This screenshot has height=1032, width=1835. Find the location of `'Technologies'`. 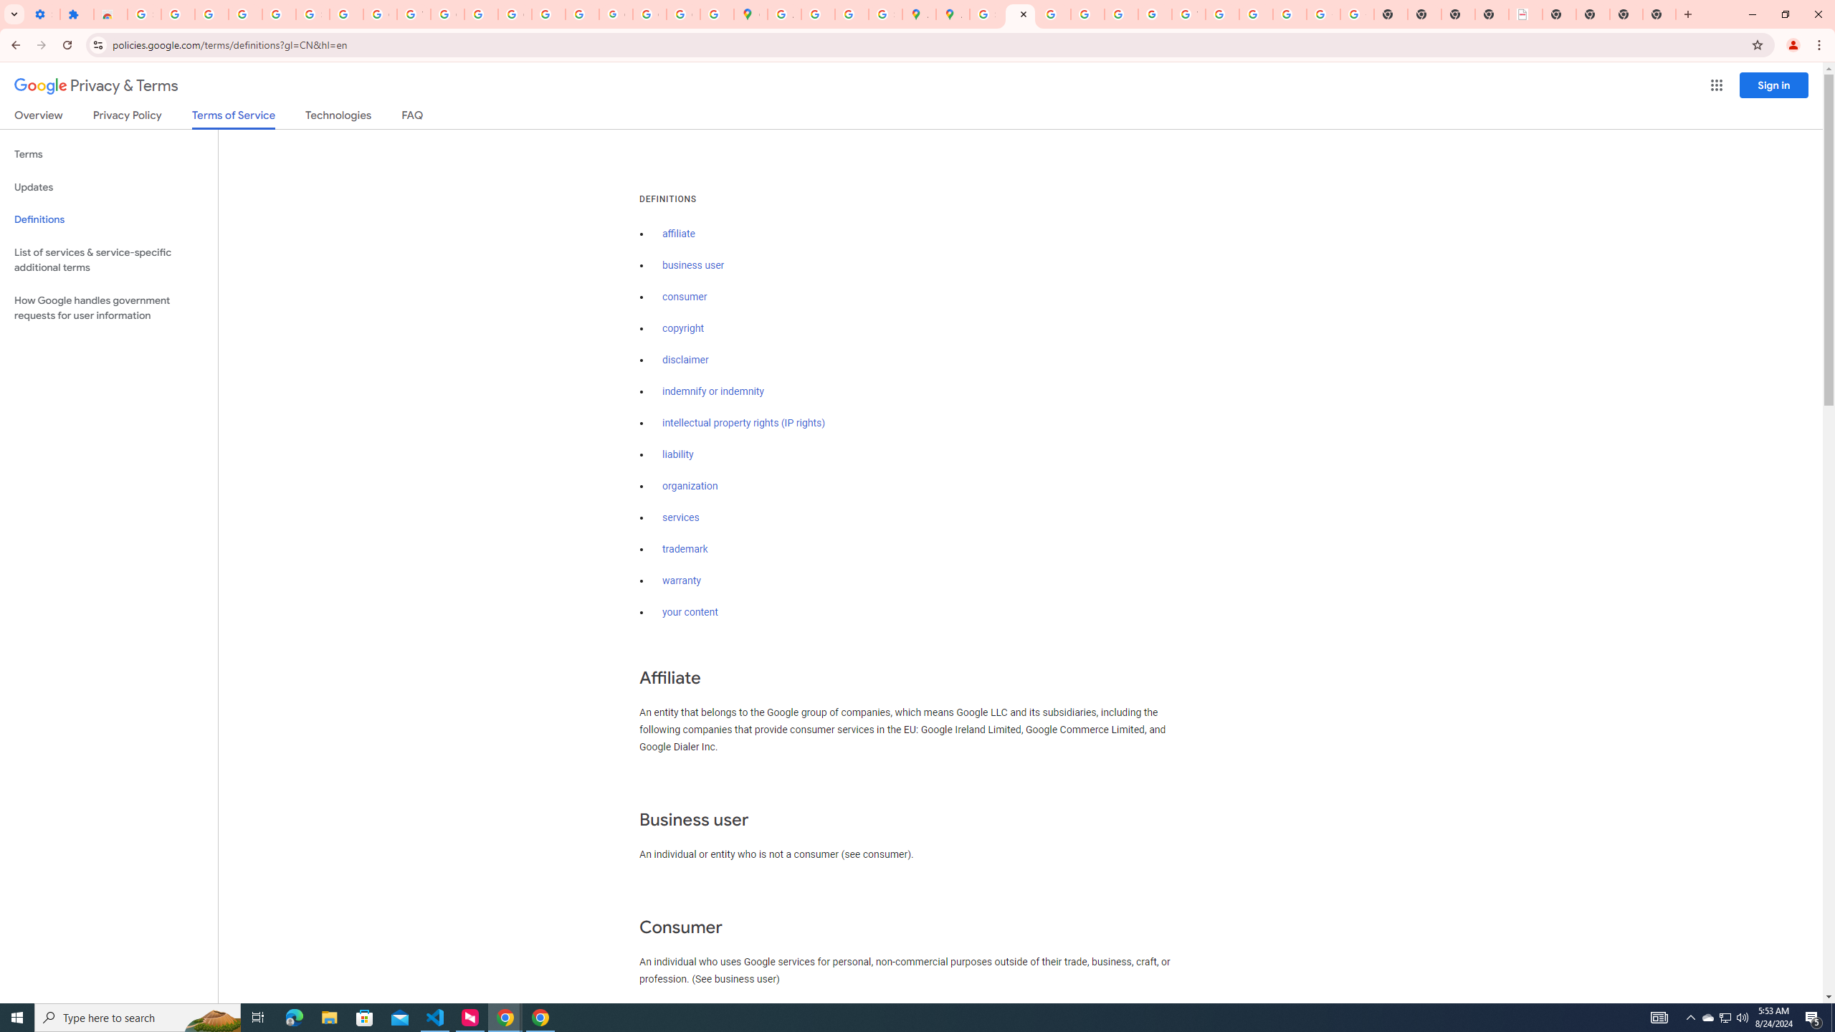

'Technologies' is located at coordinates (338, 118).